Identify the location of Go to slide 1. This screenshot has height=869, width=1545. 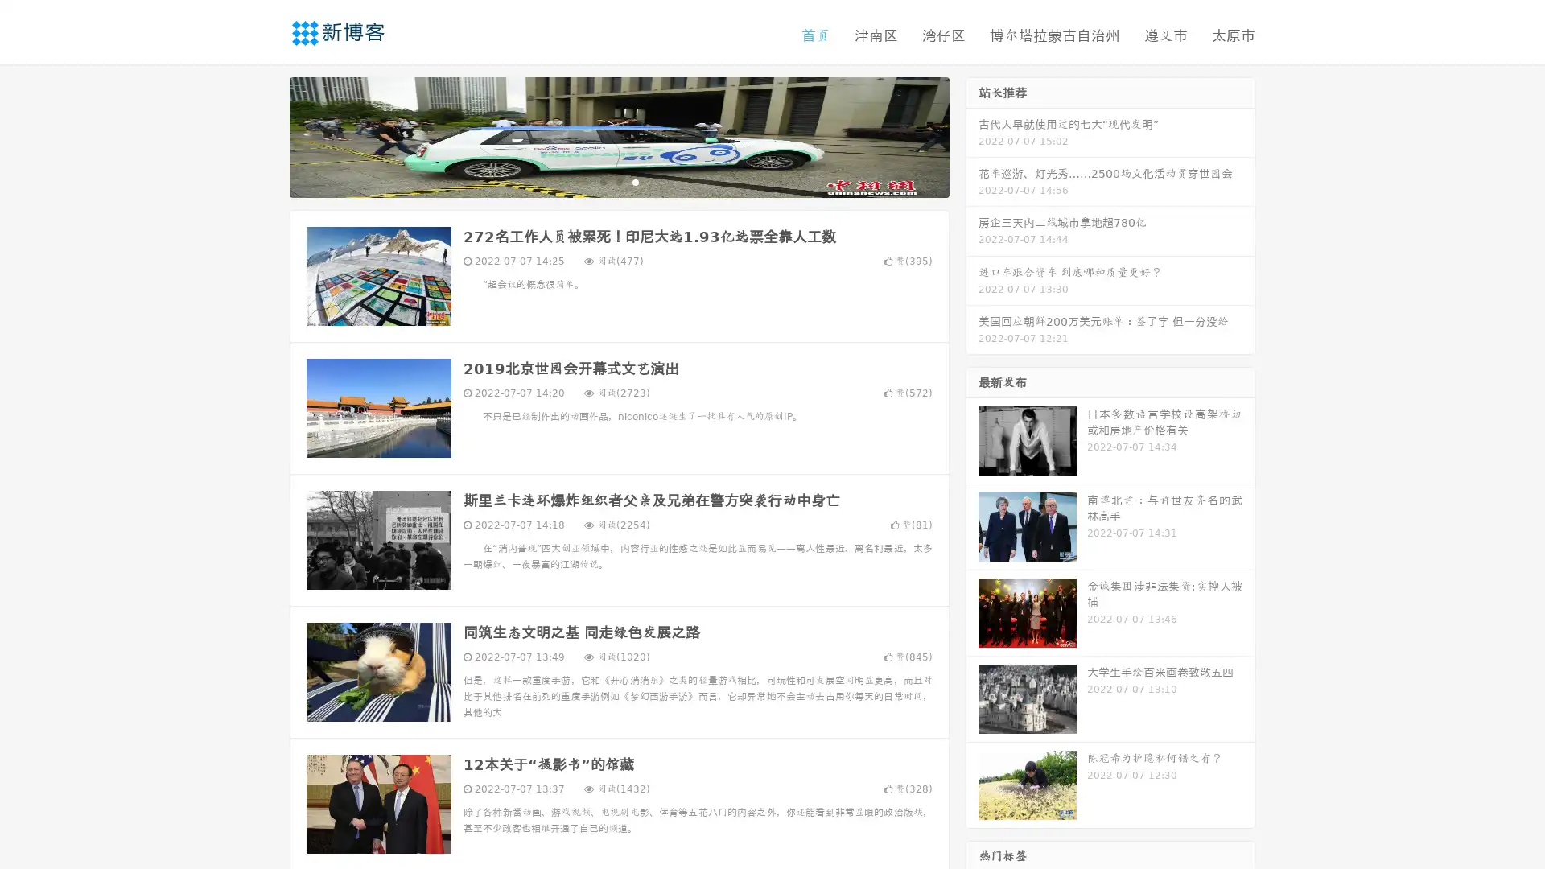
(602, 181).